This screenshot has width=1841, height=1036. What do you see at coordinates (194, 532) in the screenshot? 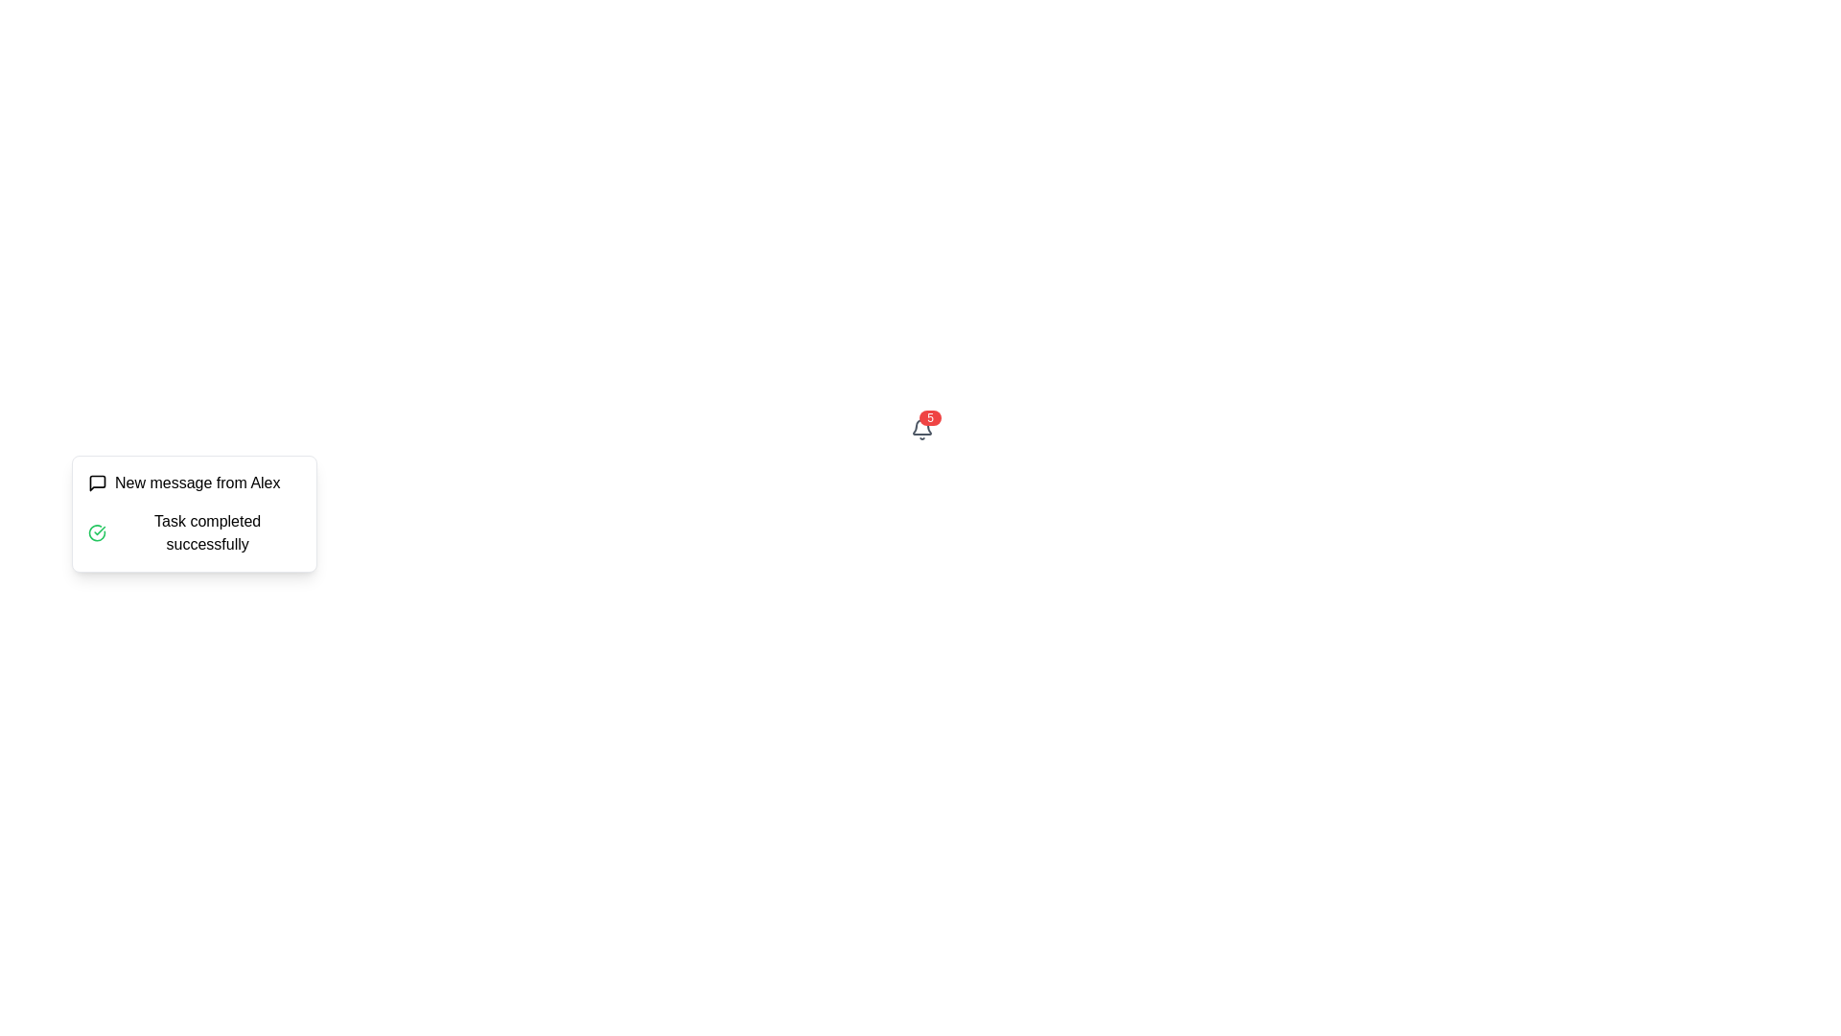
I see `confirmation message indicating that a task has been completed successfully, located below the message 'New message from Alex'` at bounding box center [194, 532].